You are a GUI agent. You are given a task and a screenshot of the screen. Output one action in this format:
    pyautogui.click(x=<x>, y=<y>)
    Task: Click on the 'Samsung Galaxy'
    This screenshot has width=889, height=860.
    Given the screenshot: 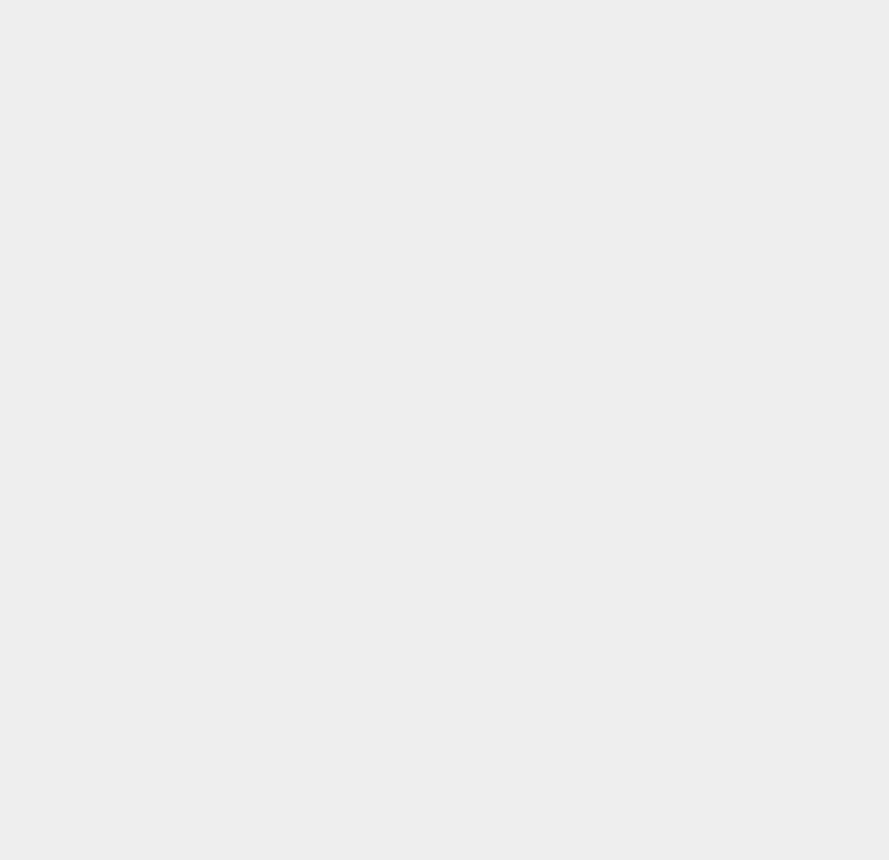 What is the action you would take?
    pyautogui.click(x=629, y=778)
    